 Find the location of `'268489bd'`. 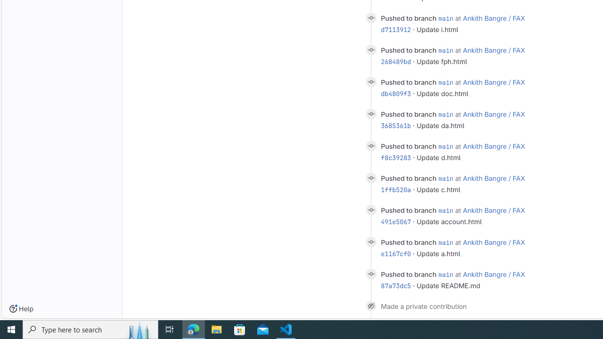

'268489bd' is located at coordinates (396, 61).